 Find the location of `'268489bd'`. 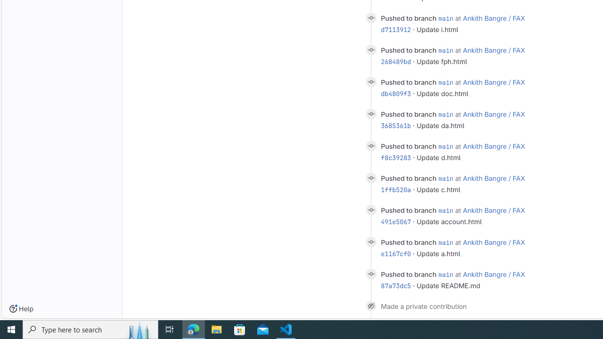

'268489bd' is located at coordinates (396, 61).